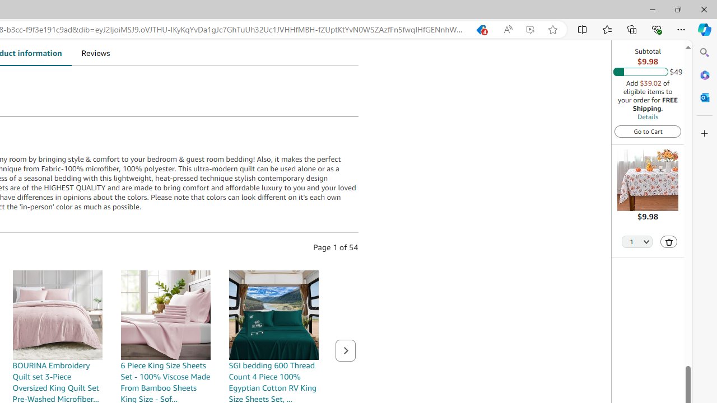 The height and width of the screenshot is (403, 717). Describe the element at coordinates (704, 97) in the screenshot. I see `'Outlook'` at that location.